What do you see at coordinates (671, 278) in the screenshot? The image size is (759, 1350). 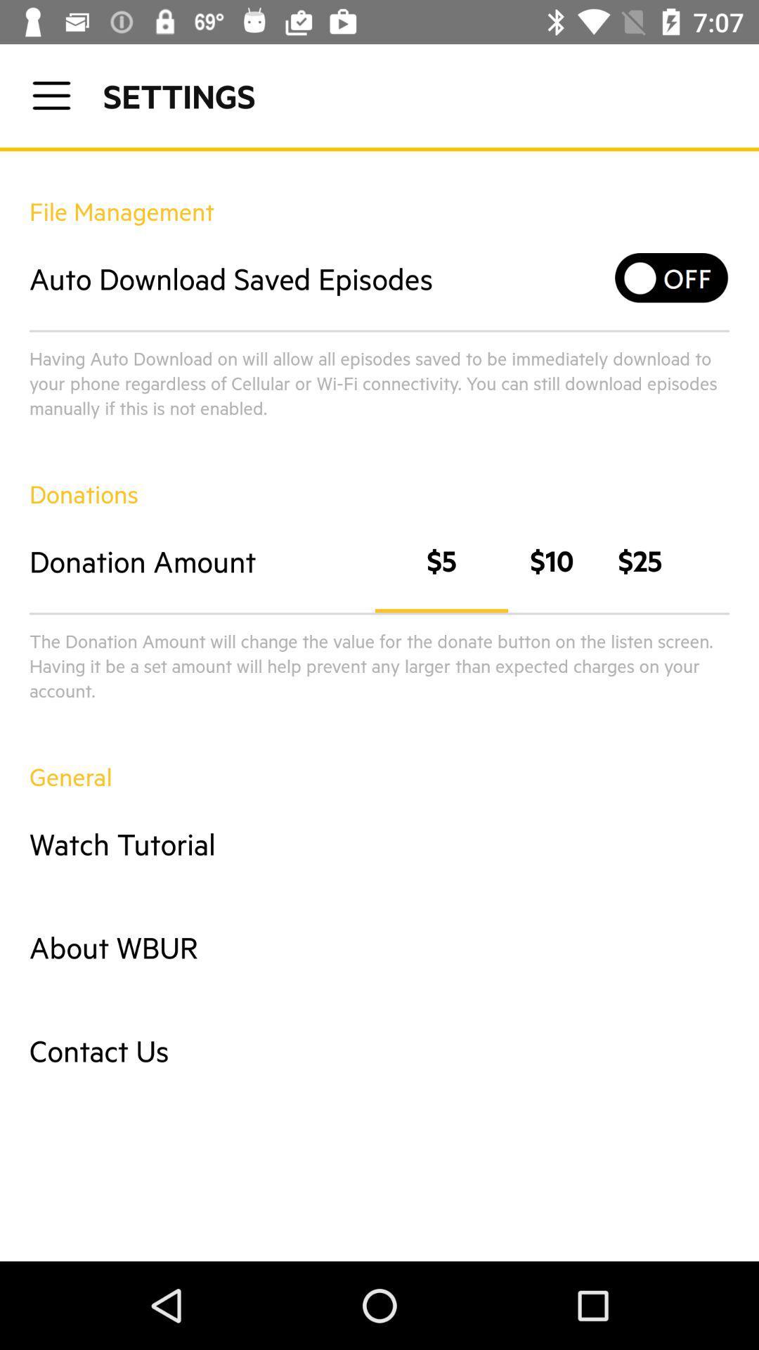 I see `turns off auto download saved episodes` at bounding box center [671, 278].